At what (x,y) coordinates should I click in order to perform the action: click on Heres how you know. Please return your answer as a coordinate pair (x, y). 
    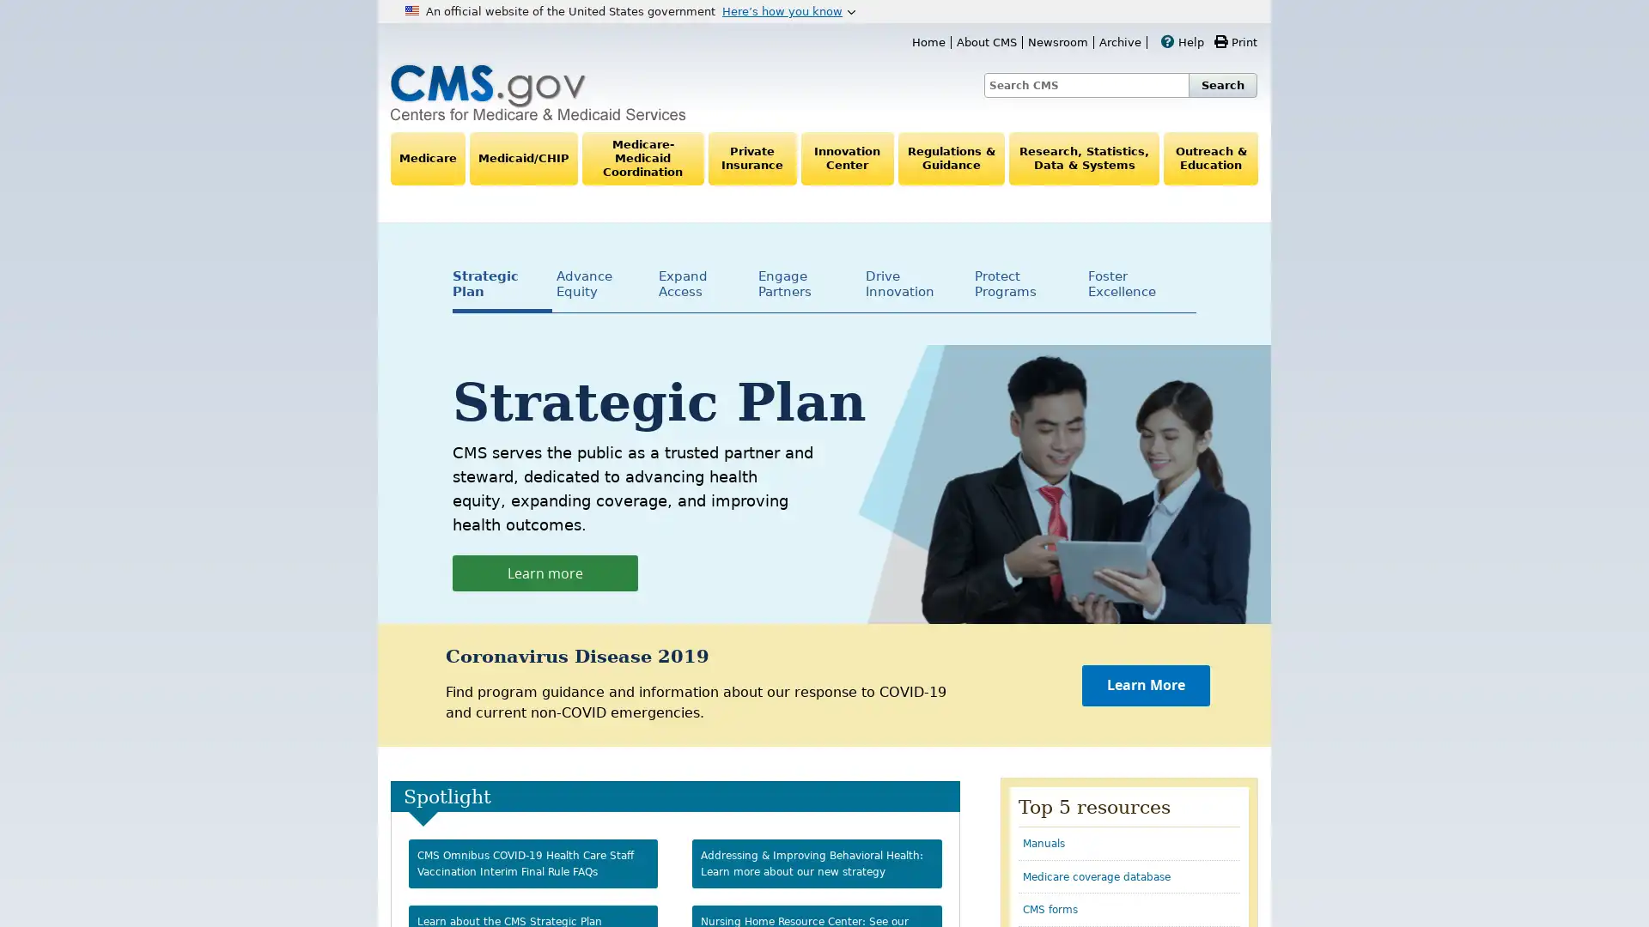
    Looking at the image, I should click on (788, 10).